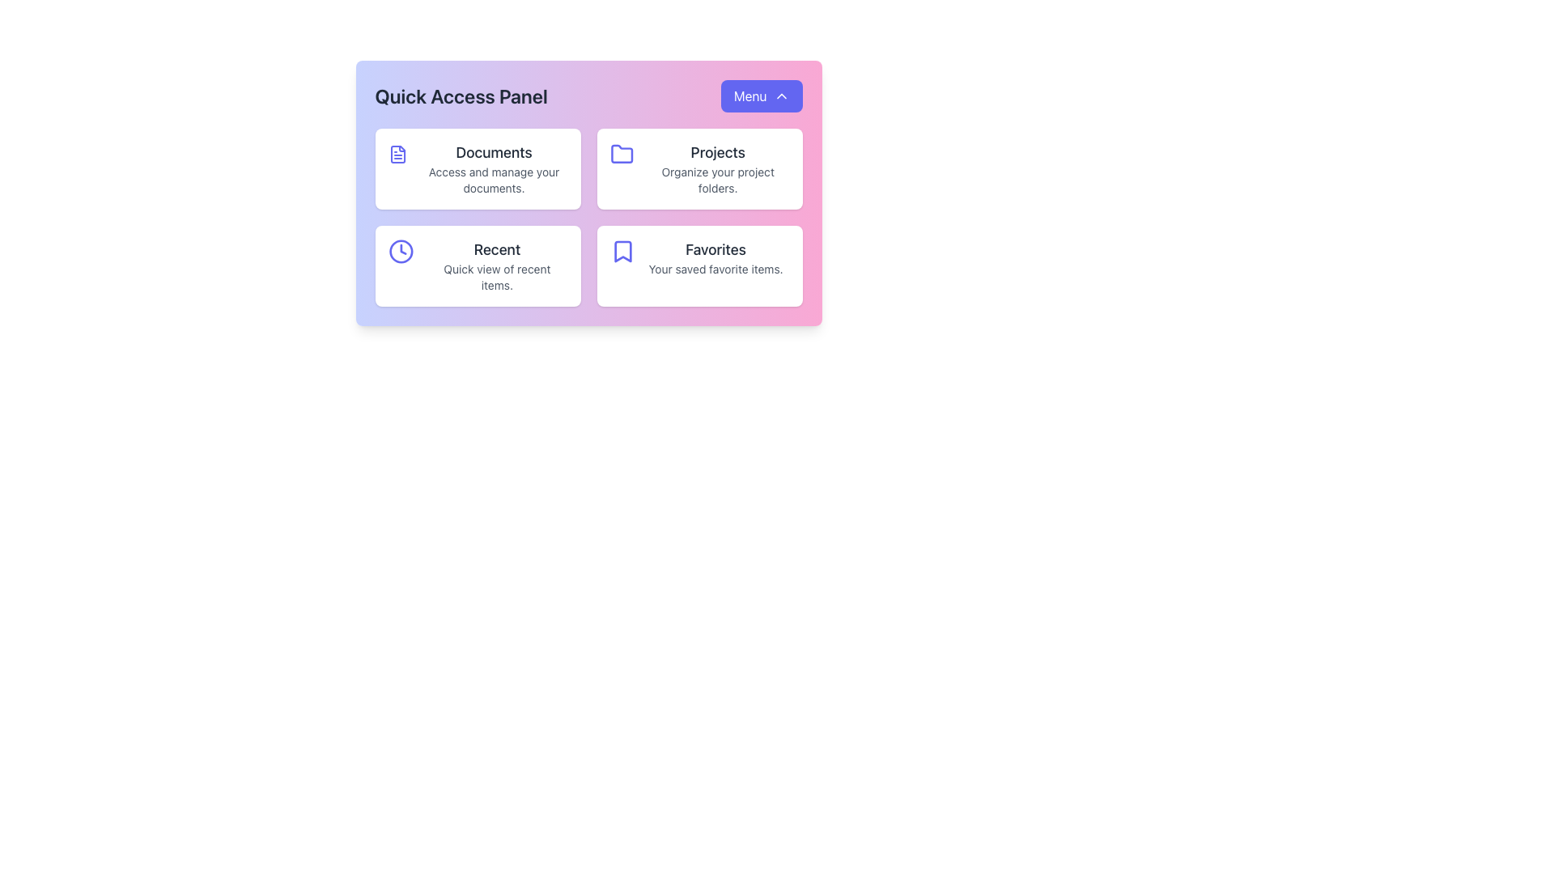  What do you see at coordinates (496, 265) in the screenshot?
I see `the quick-access link in the lower-left portion of the grid that allows users` at bounding box center [496, 265].